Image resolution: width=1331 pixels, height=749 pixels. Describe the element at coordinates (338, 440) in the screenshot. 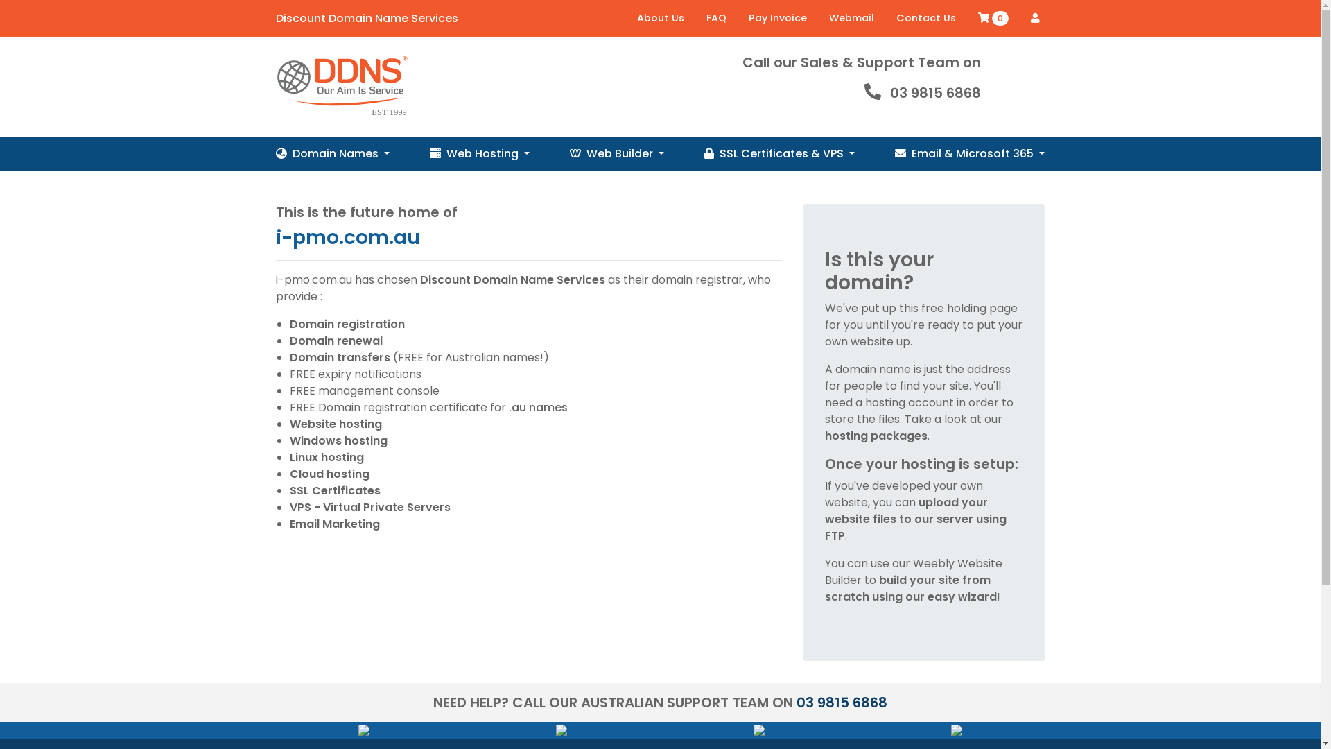

I see `'Windows hosting'` at that location.